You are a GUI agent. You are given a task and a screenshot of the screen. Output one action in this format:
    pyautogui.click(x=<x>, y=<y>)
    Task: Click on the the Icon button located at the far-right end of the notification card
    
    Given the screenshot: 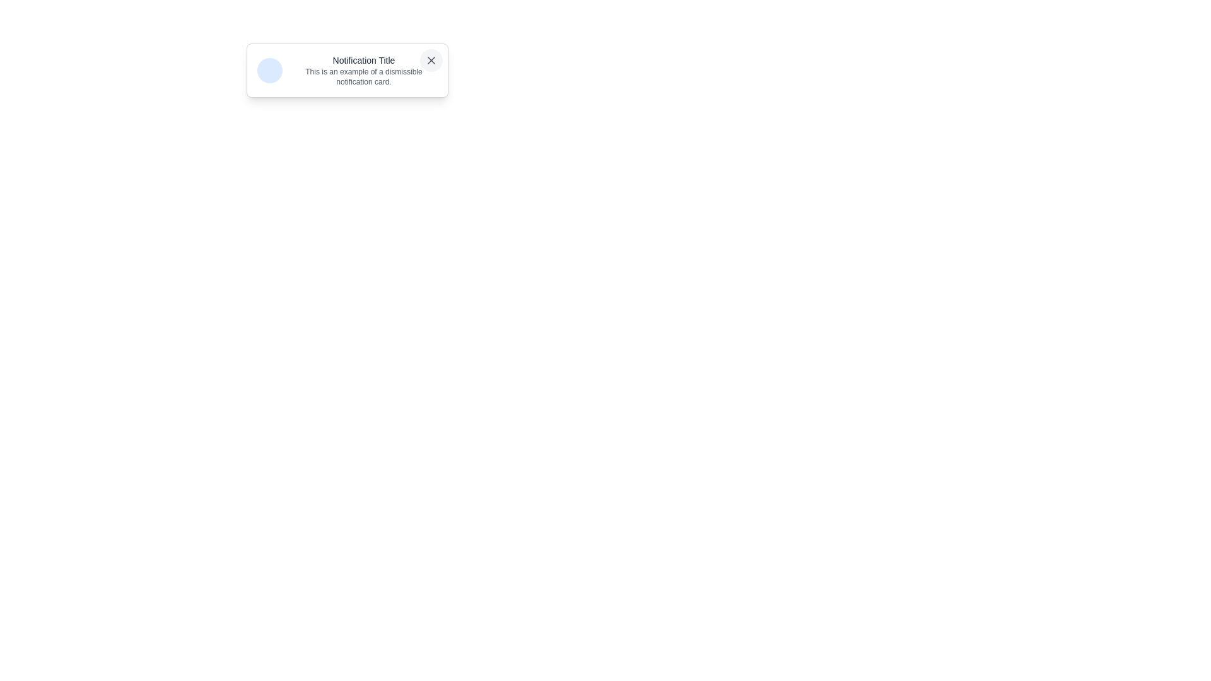 What is the action you would take?
    pyautogui.click(x=431, y=61)
    